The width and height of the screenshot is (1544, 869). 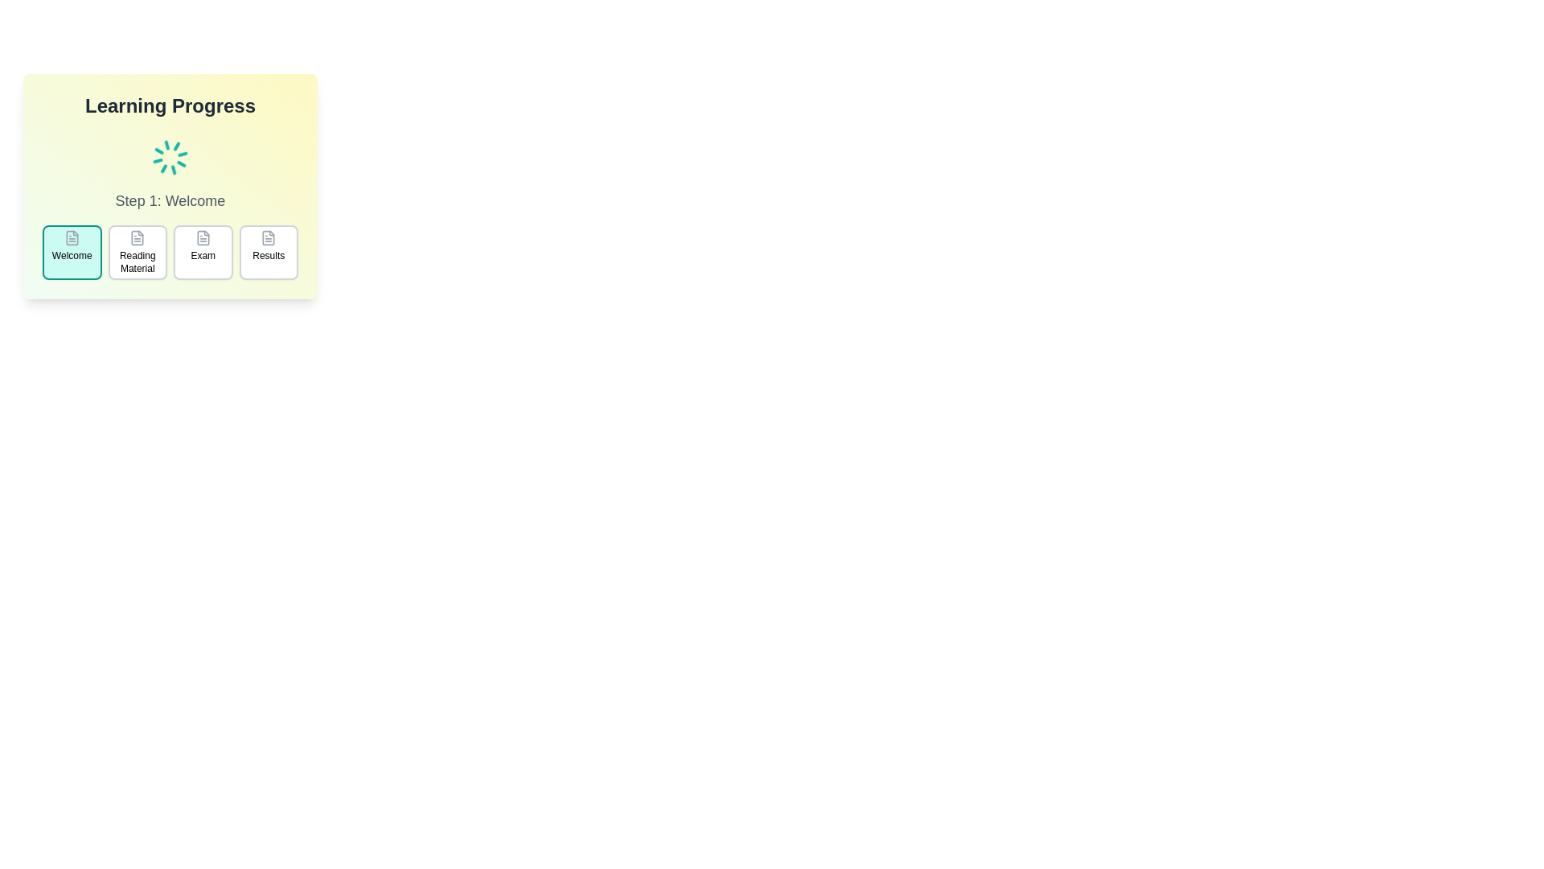 What do you see at coordinates (202, 238) in the screenshot?
I see `the 'Exam' button, which is the third button from the left in a horizontal sequence of four buttons within the 'Learning Progress' card interface` at bounding box center [202, 238].